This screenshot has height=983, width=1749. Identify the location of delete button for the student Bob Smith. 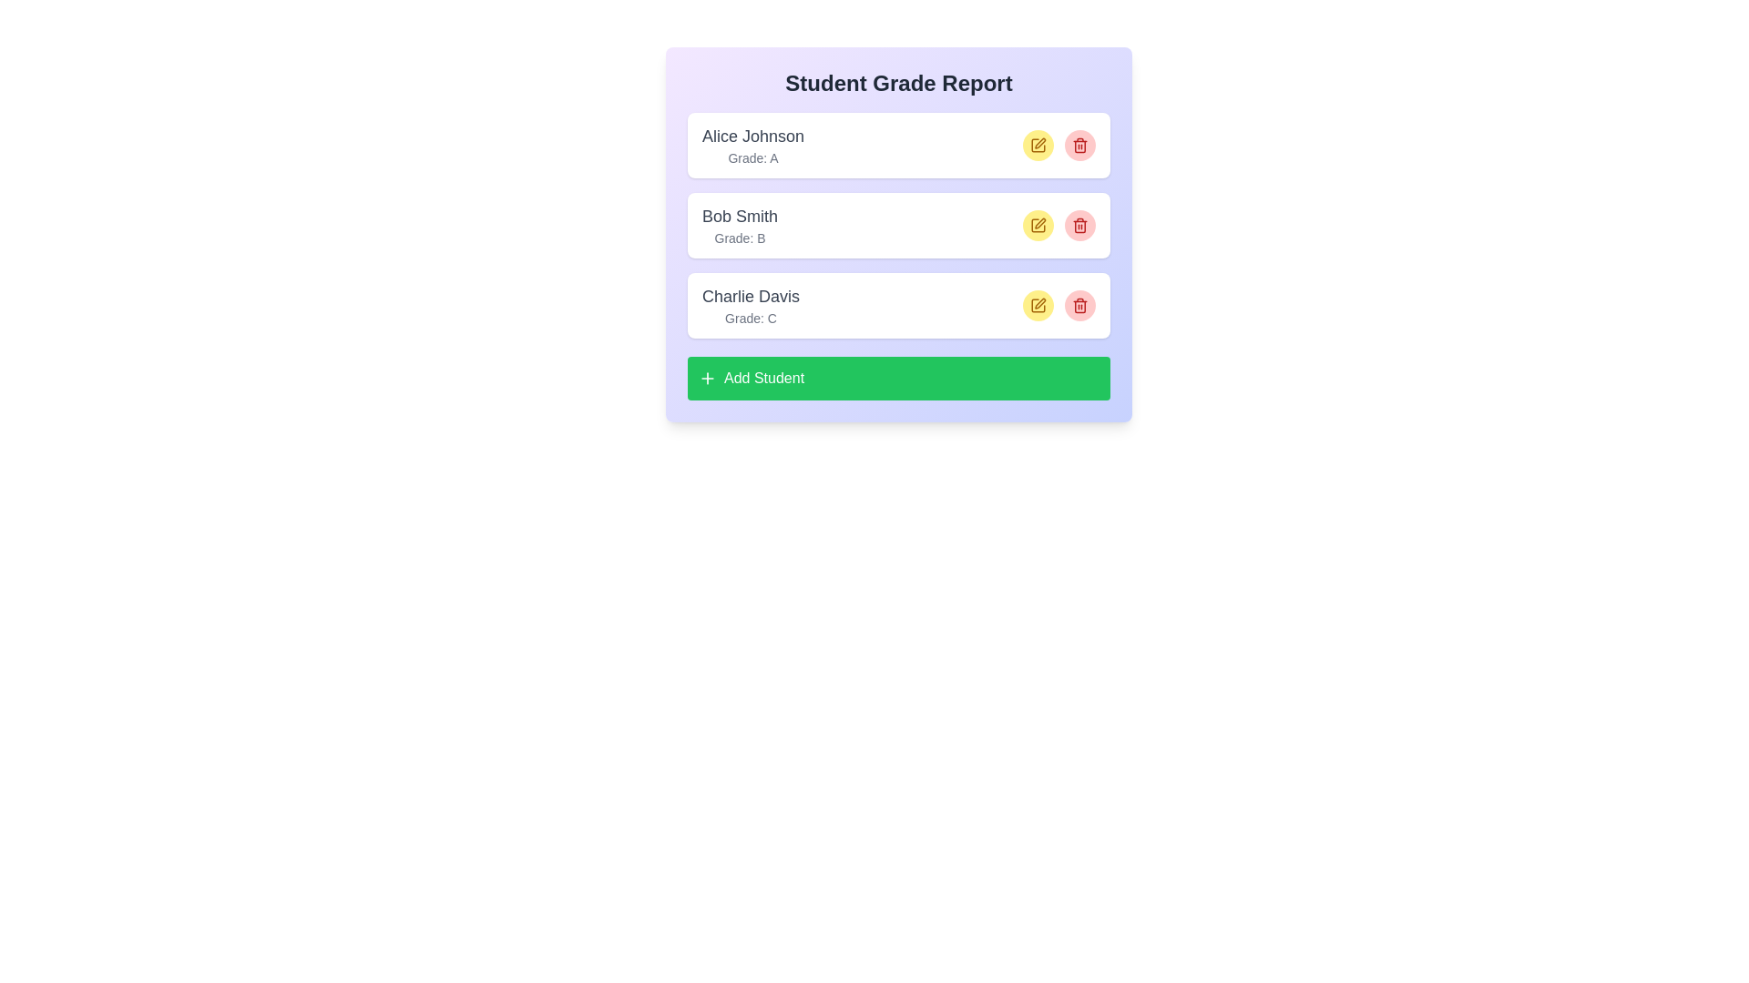
(1079, 224).